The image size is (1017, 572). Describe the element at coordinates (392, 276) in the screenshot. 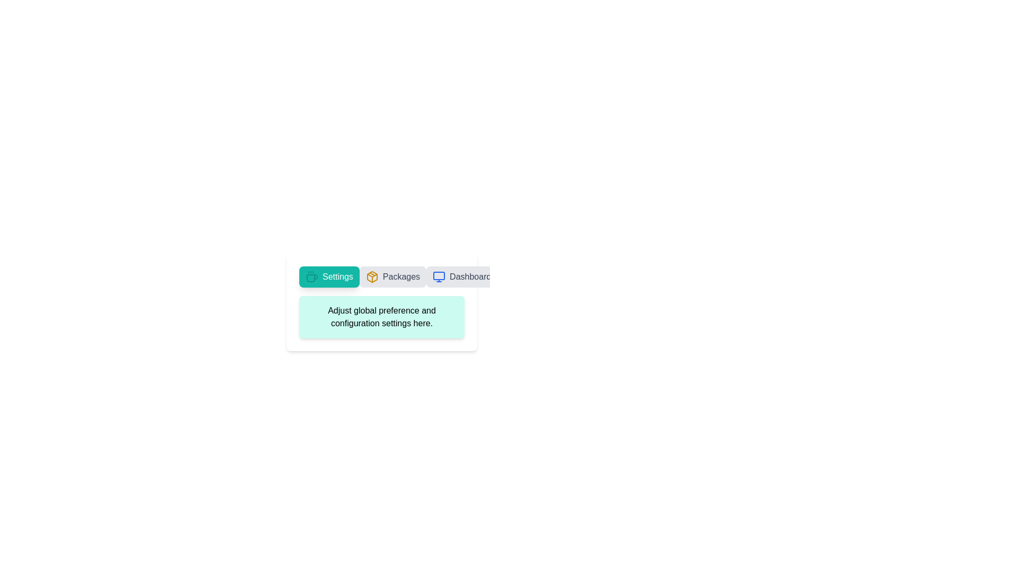

I see `the tab labeled Packages to observe visual feedback` at that location.